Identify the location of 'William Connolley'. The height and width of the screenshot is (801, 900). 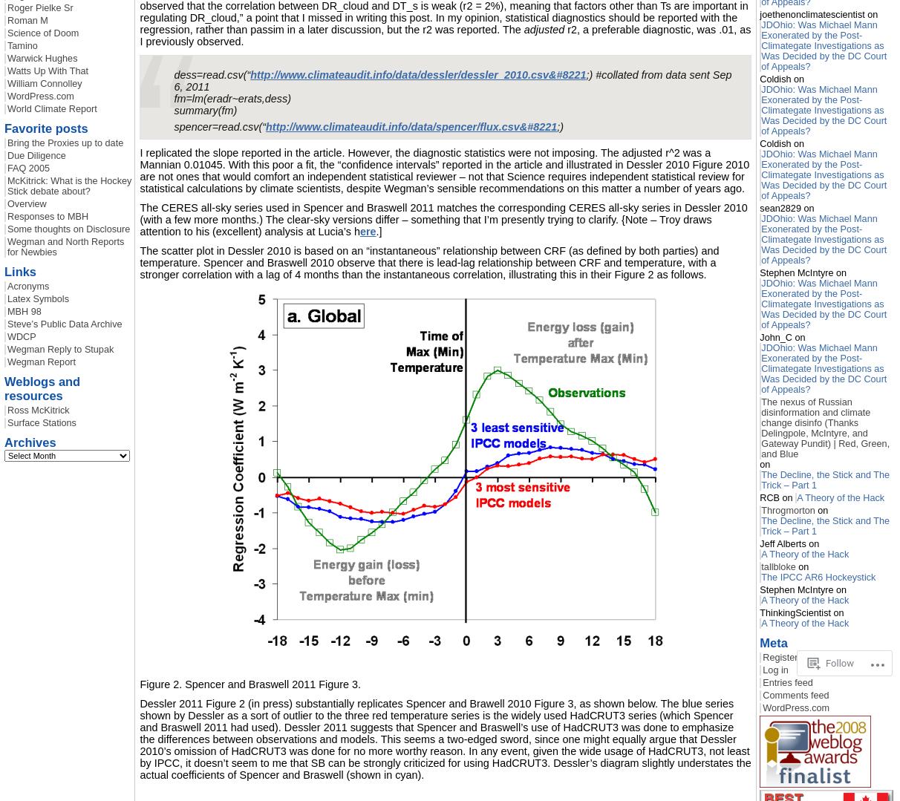
(43, 83).